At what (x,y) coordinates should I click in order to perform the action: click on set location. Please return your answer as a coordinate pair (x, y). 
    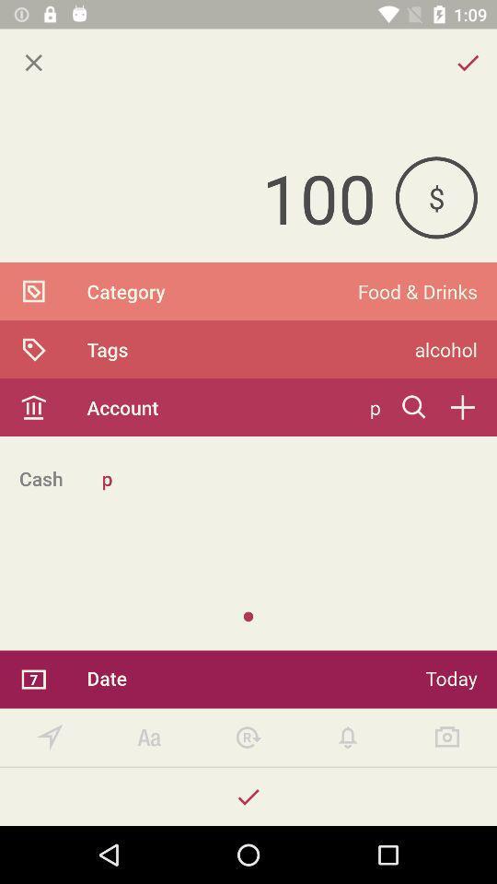
    Looking at the image, I should click on (50, 738).